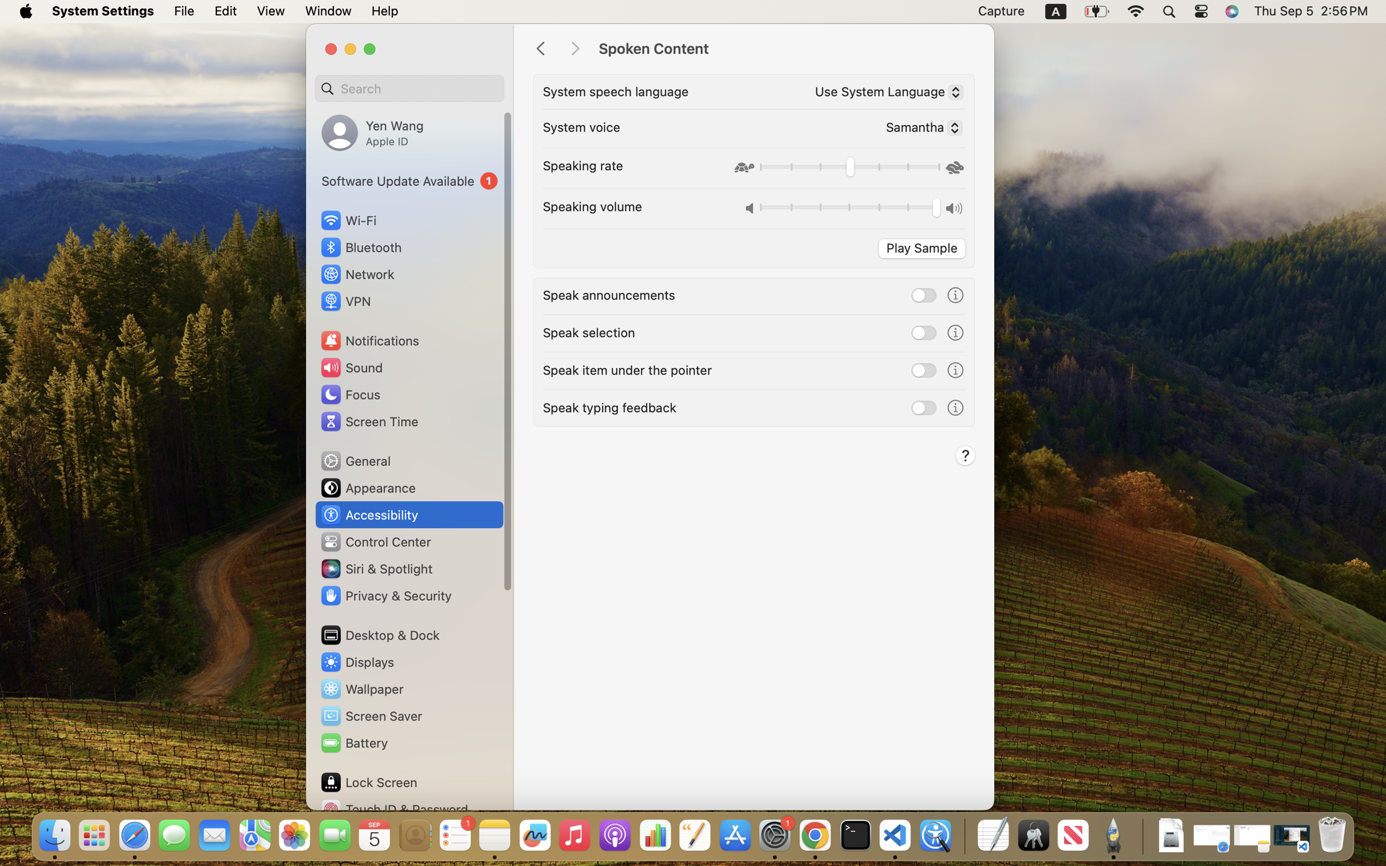 This screenshot has width=1386, height=866. I want to click on '1', so click(409, 180).